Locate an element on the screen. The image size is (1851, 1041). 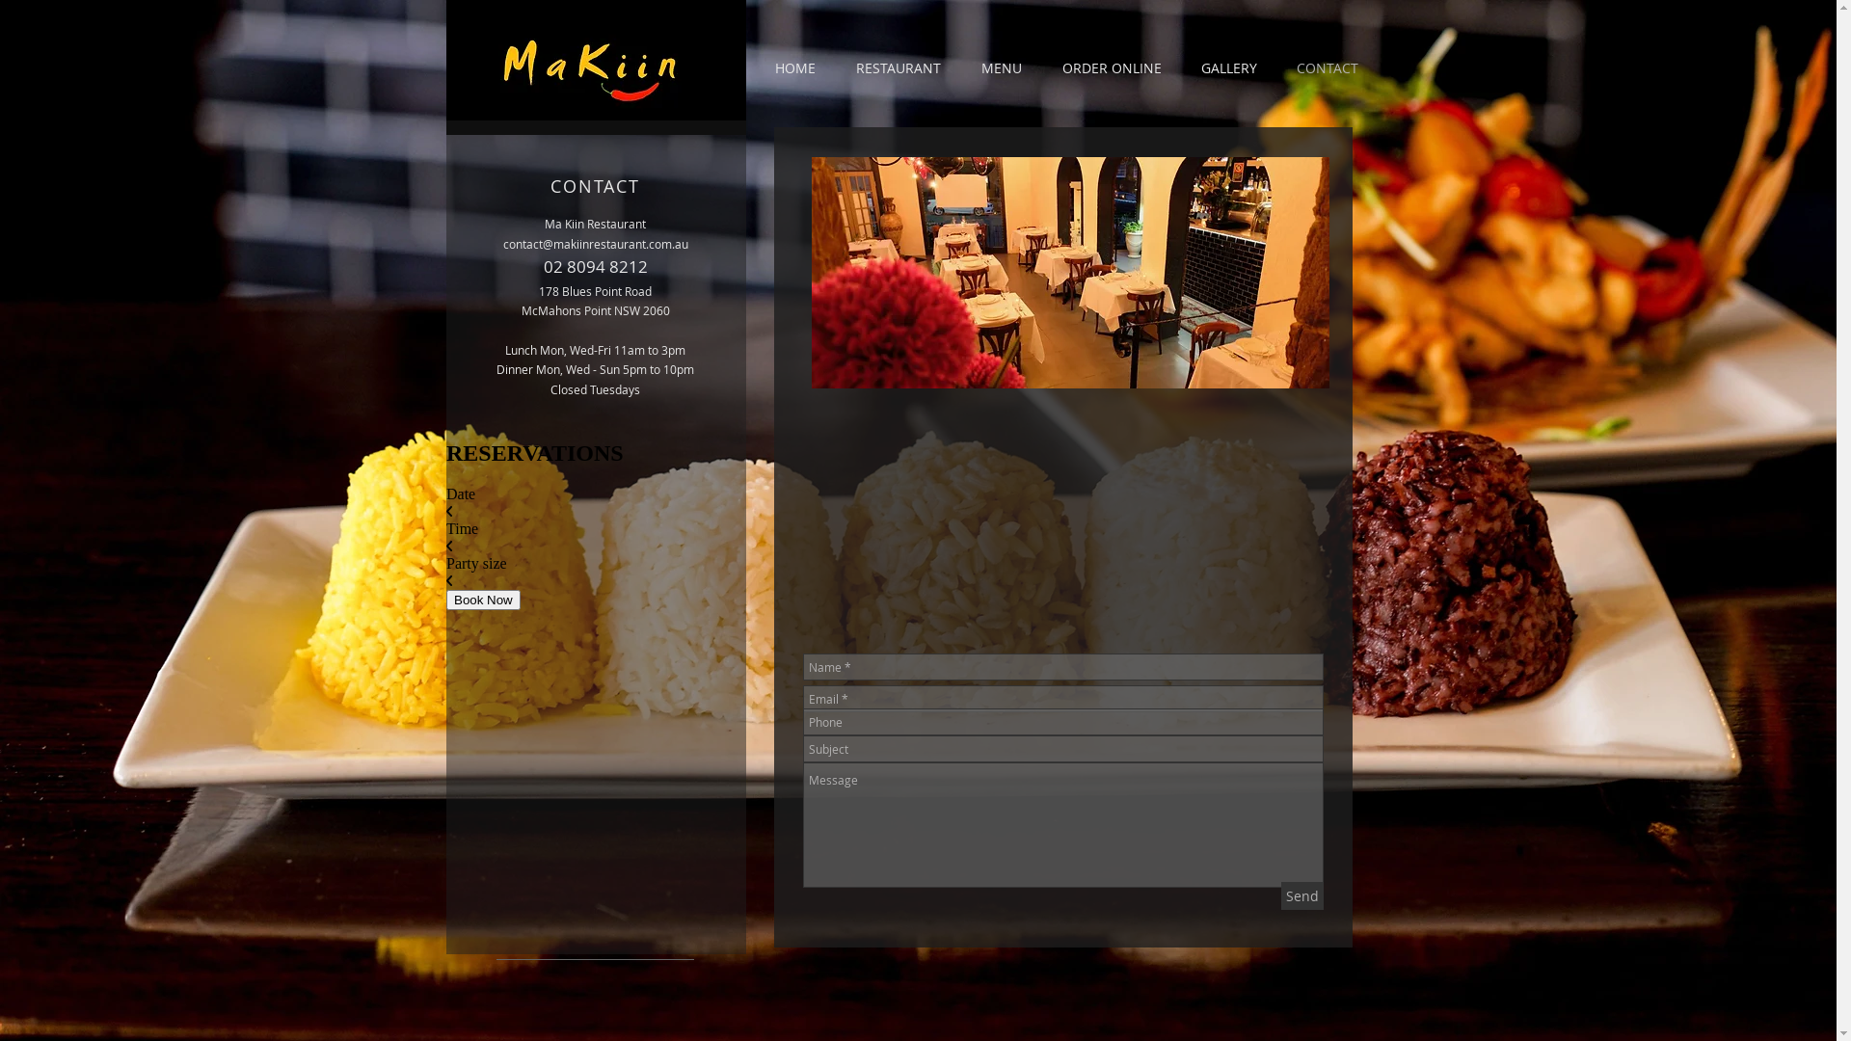
'Send' is located at coordinates (1301, 895).